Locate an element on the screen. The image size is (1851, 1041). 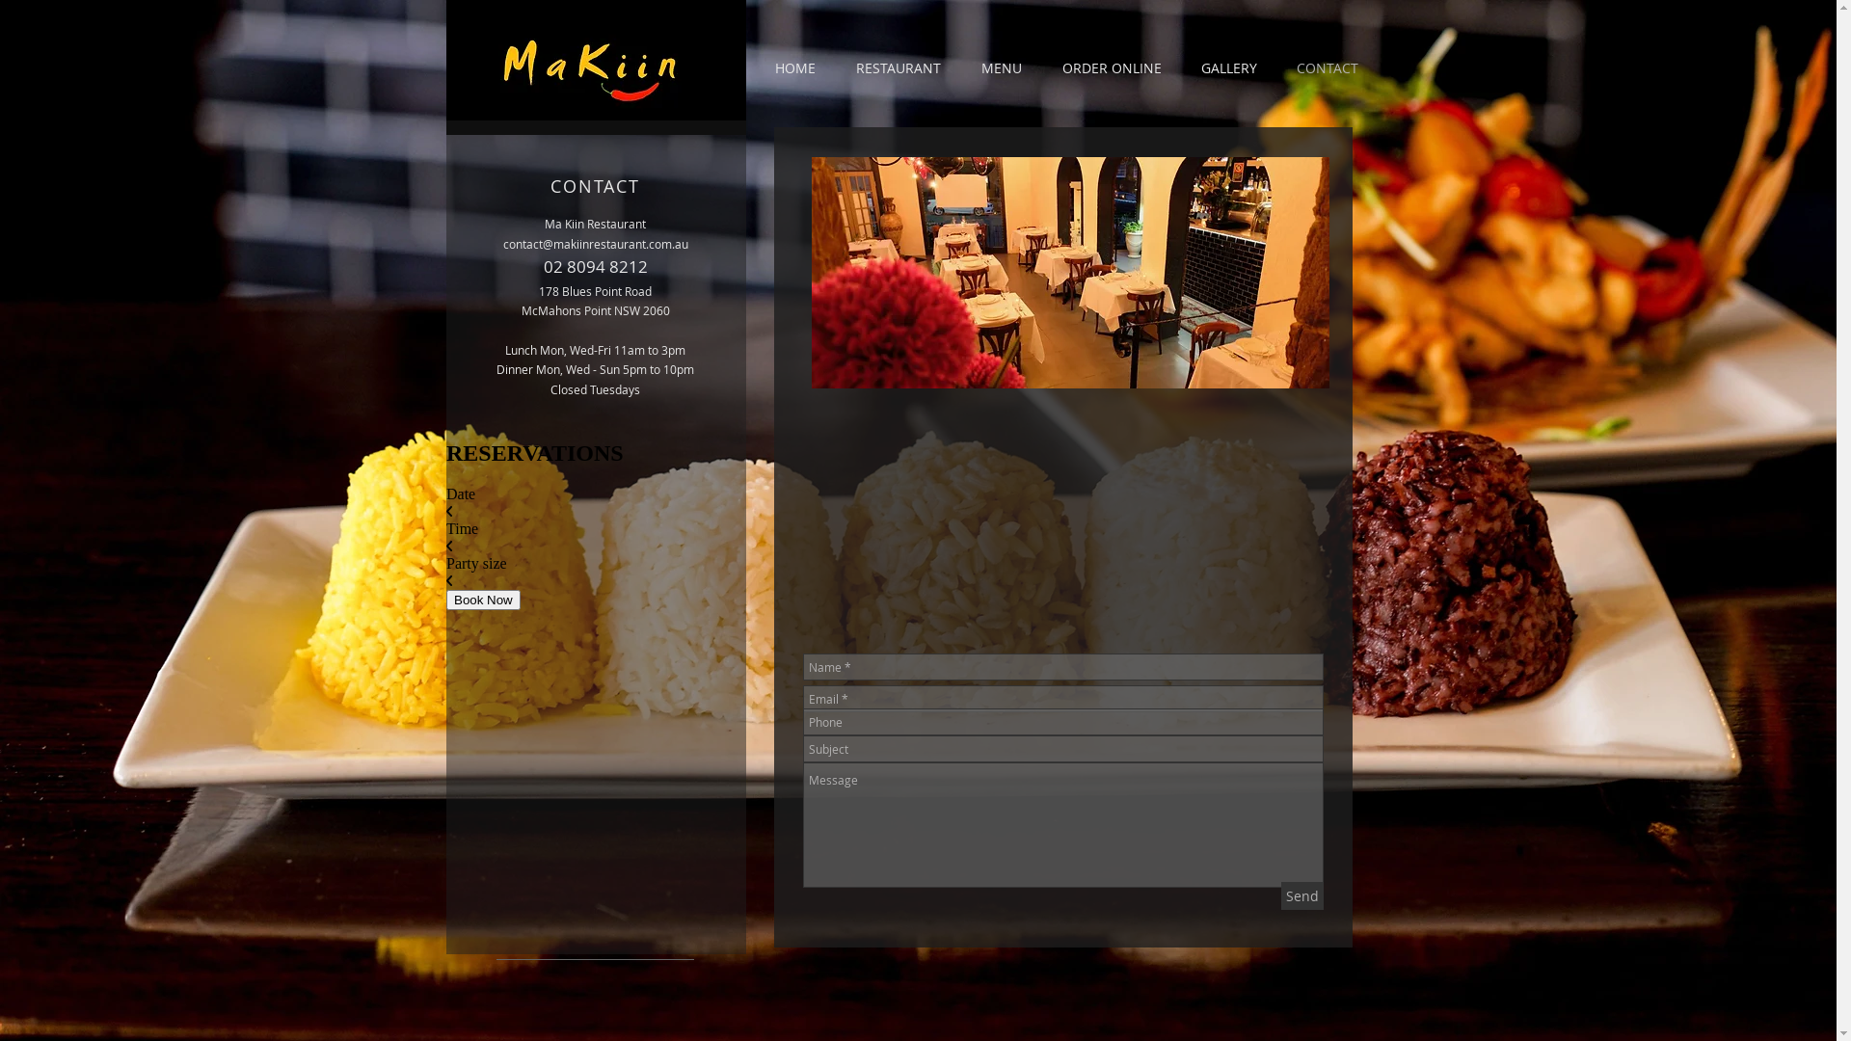
'Send' is located at coordinates (1301, 895).